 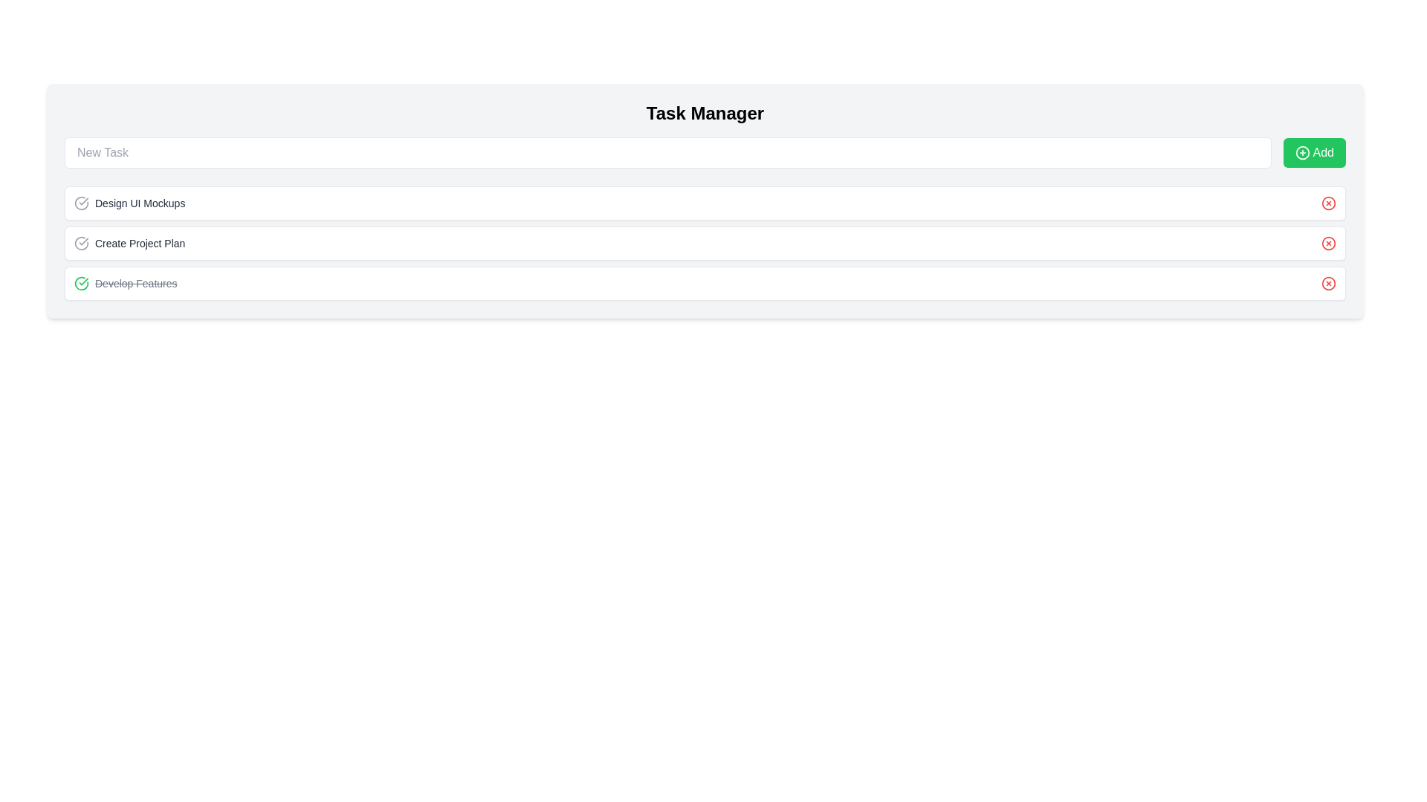 What do you see at coordinates (129, 242) in the screenshot?
I see `the 'Create Project Plan' task entry with a check mark icon` at bounding box center [129, 242].